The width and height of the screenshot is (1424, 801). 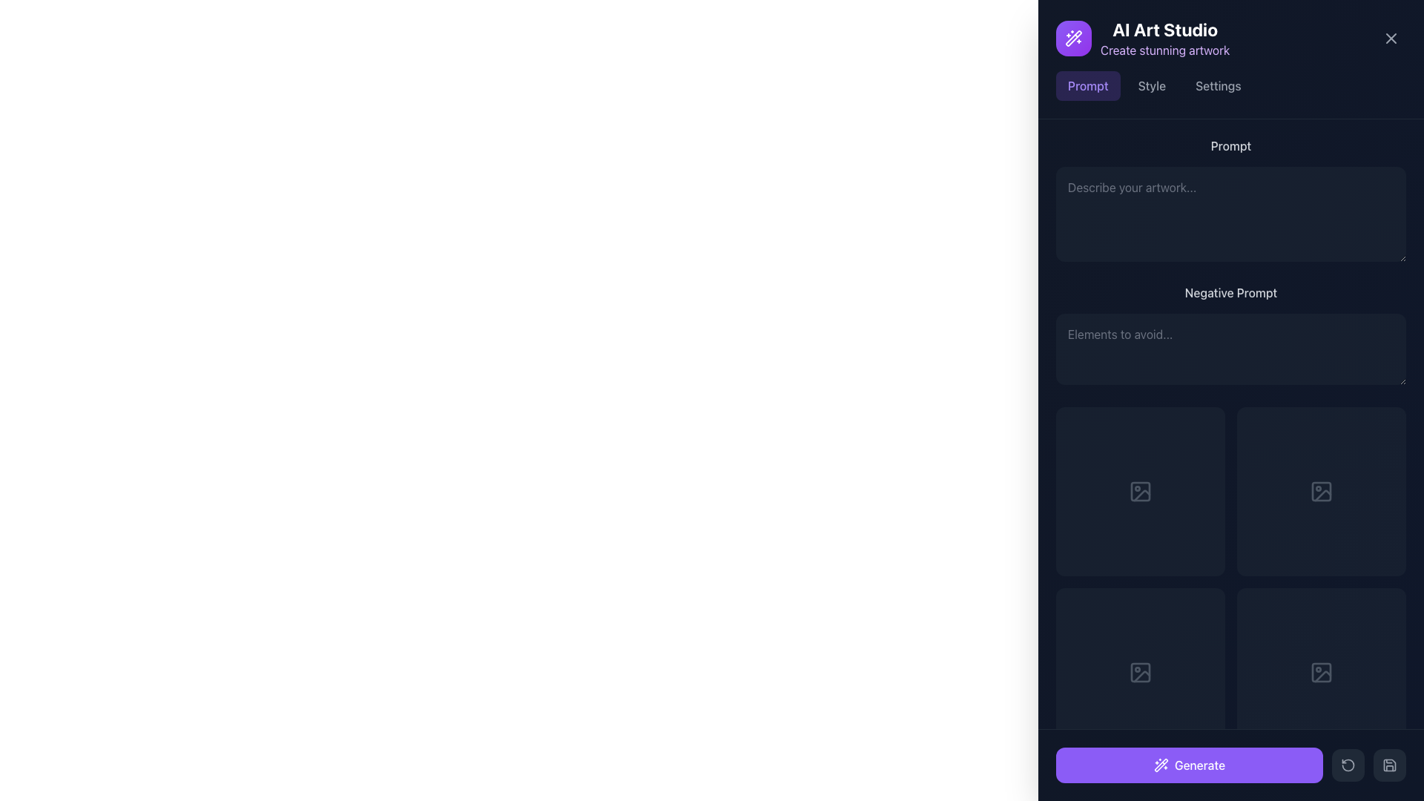 I want to click on the static text label that describes or categorizes the section for artwork descriptions, located above the text input area with the placeholder 'Describe your artwork...', so click(x=1231, y=145).